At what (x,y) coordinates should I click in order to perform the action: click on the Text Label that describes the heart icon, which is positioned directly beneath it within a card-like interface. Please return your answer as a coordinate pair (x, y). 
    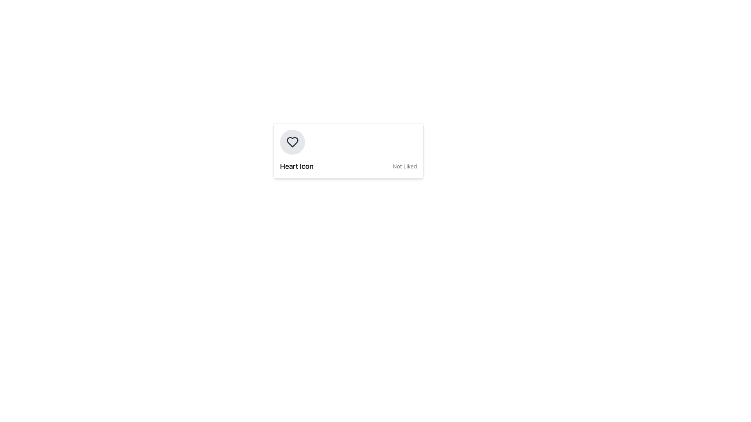
    Looking at the image, I should click on (296, 166).